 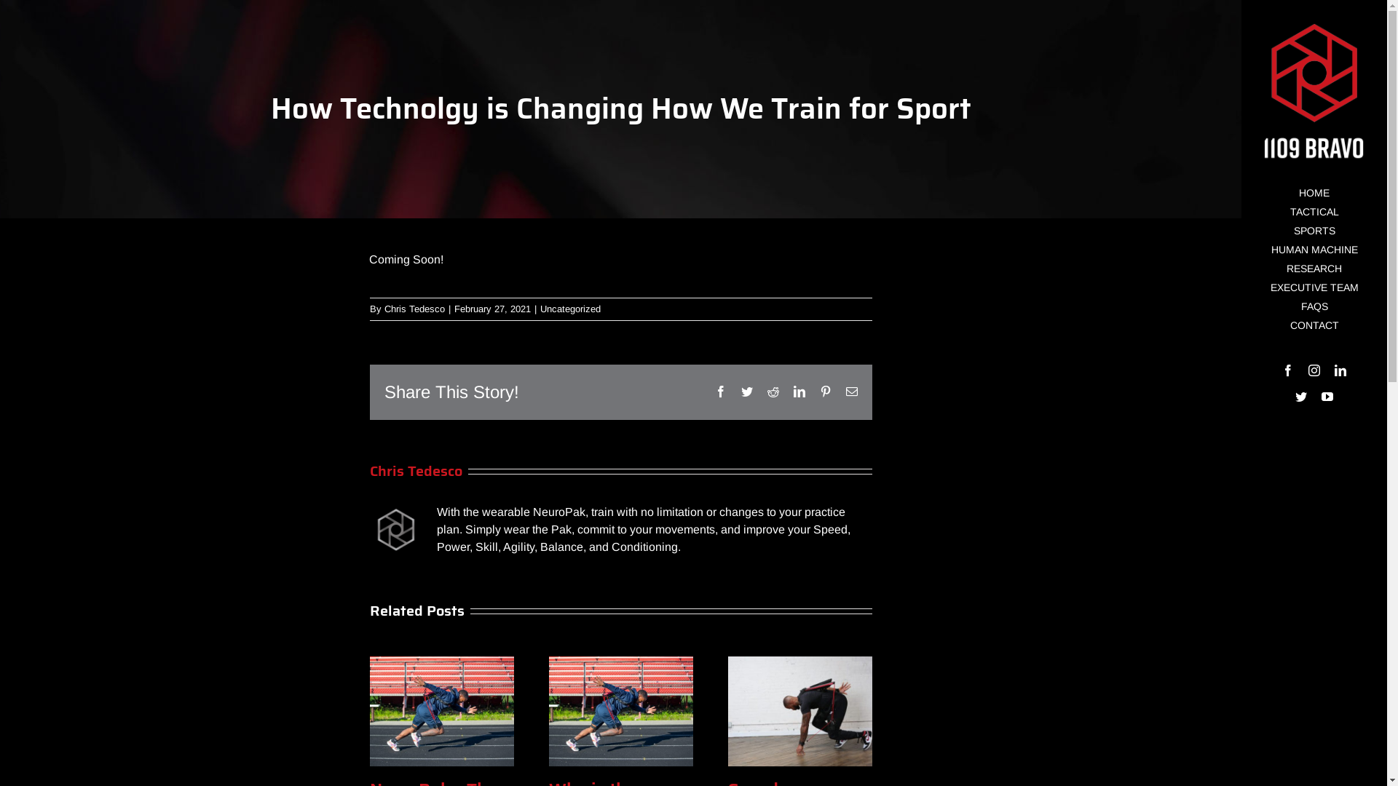 What do you see at coordinates (1314, 306) in the screenshot?
I see `'FAQS'` at bounding box center [1314, 306].